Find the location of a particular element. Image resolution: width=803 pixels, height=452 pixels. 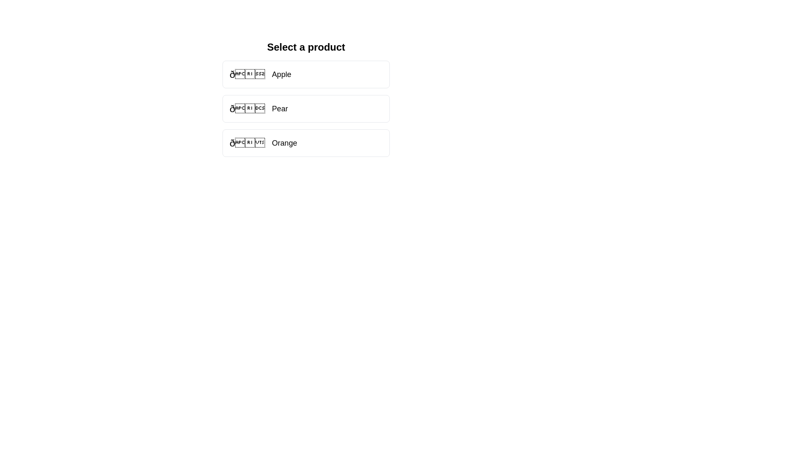

the first selectable item in the list representing the product 'Apple' is located at coordinates (305, 74).